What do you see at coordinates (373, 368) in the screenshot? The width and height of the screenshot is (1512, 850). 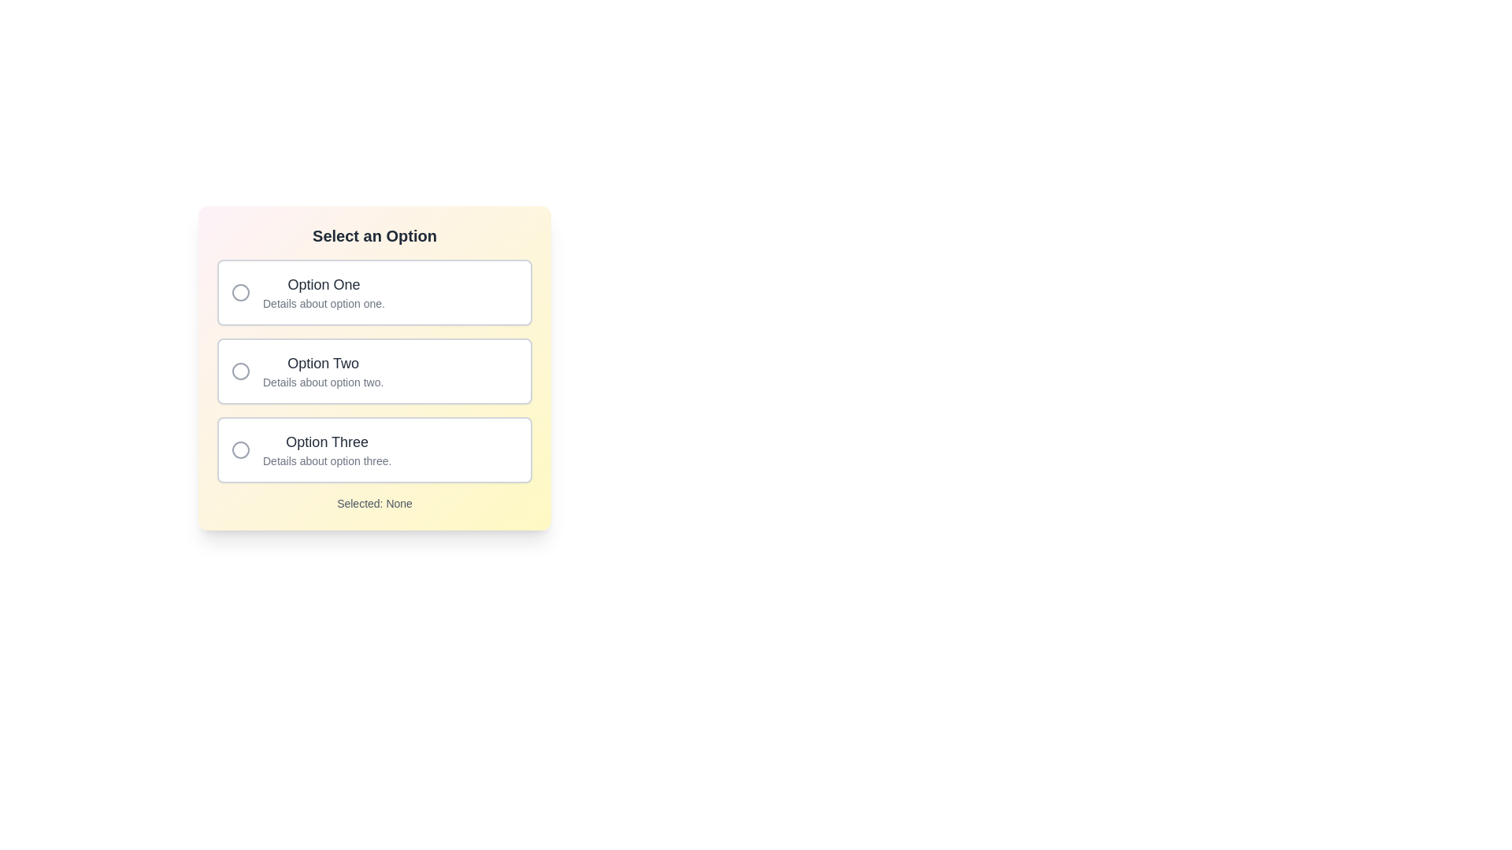 I see `the second radio button option` at bounding box center [373, 368].